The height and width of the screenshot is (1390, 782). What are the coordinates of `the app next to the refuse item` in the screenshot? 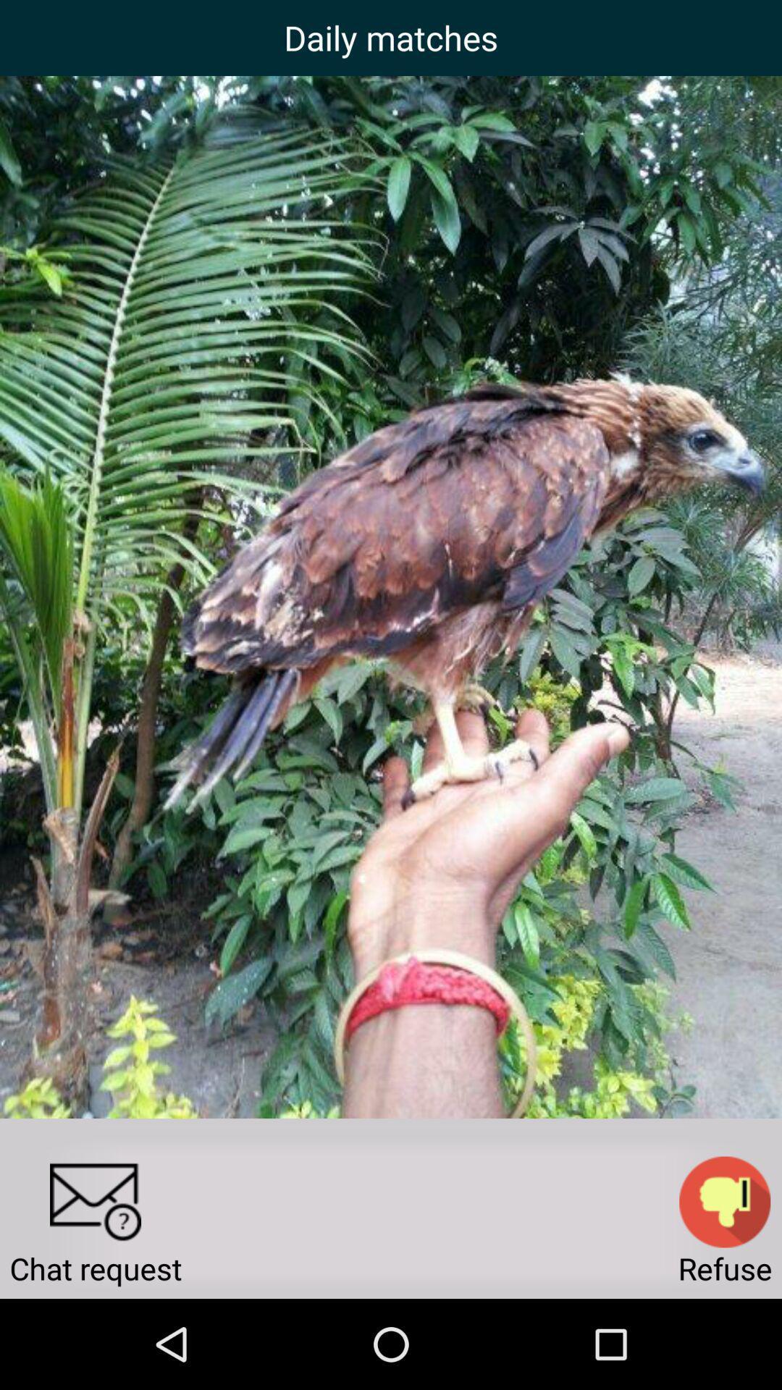 It's located at (95, 1202).